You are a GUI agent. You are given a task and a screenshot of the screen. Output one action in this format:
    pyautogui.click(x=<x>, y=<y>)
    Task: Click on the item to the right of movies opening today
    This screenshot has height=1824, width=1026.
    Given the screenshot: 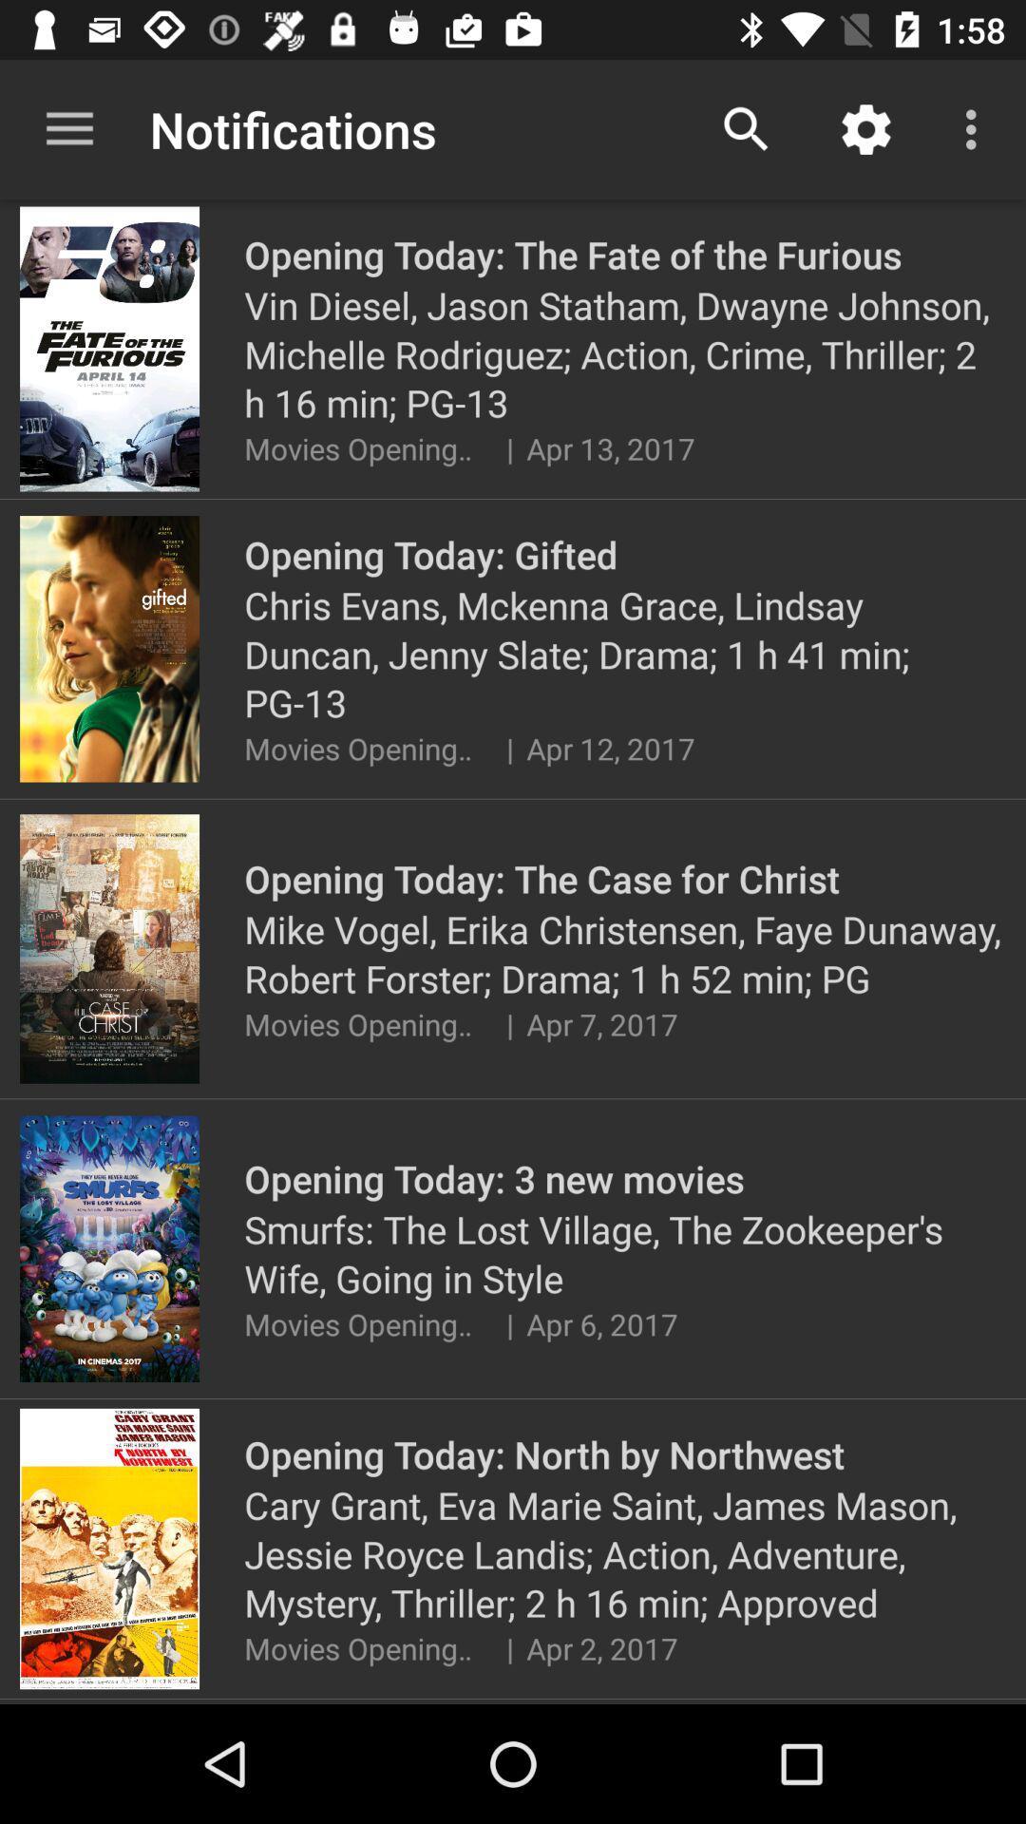 What is the action you would take?
    pyautogui.click(x=508, y=447)
    